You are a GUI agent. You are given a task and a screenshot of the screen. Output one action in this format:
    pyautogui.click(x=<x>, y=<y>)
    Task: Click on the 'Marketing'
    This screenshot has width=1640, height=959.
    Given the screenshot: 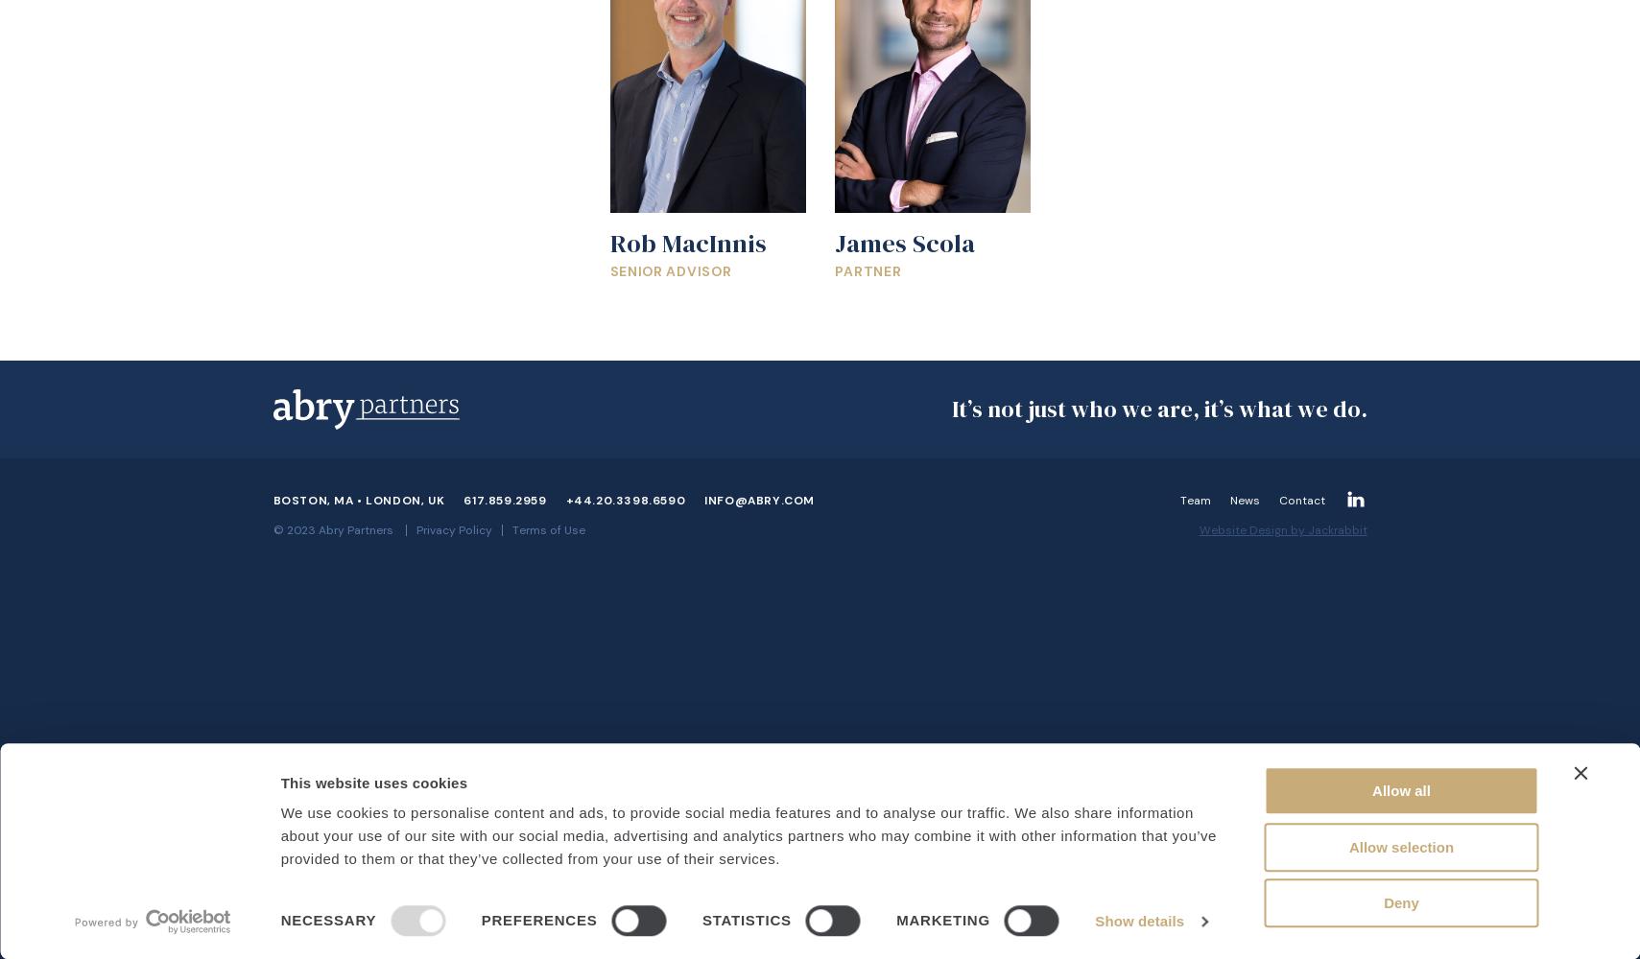 What is the action you would take?
    pyautogui.click(x=942, y=919)
    